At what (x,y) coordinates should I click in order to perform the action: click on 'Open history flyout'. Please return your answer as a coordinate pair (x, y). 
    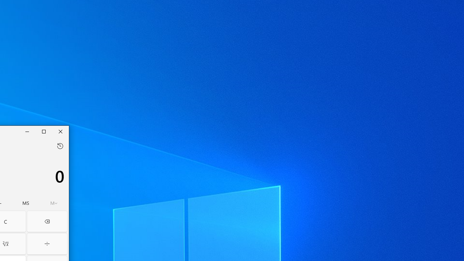
    Looking at the image, I should click on (60, 146).